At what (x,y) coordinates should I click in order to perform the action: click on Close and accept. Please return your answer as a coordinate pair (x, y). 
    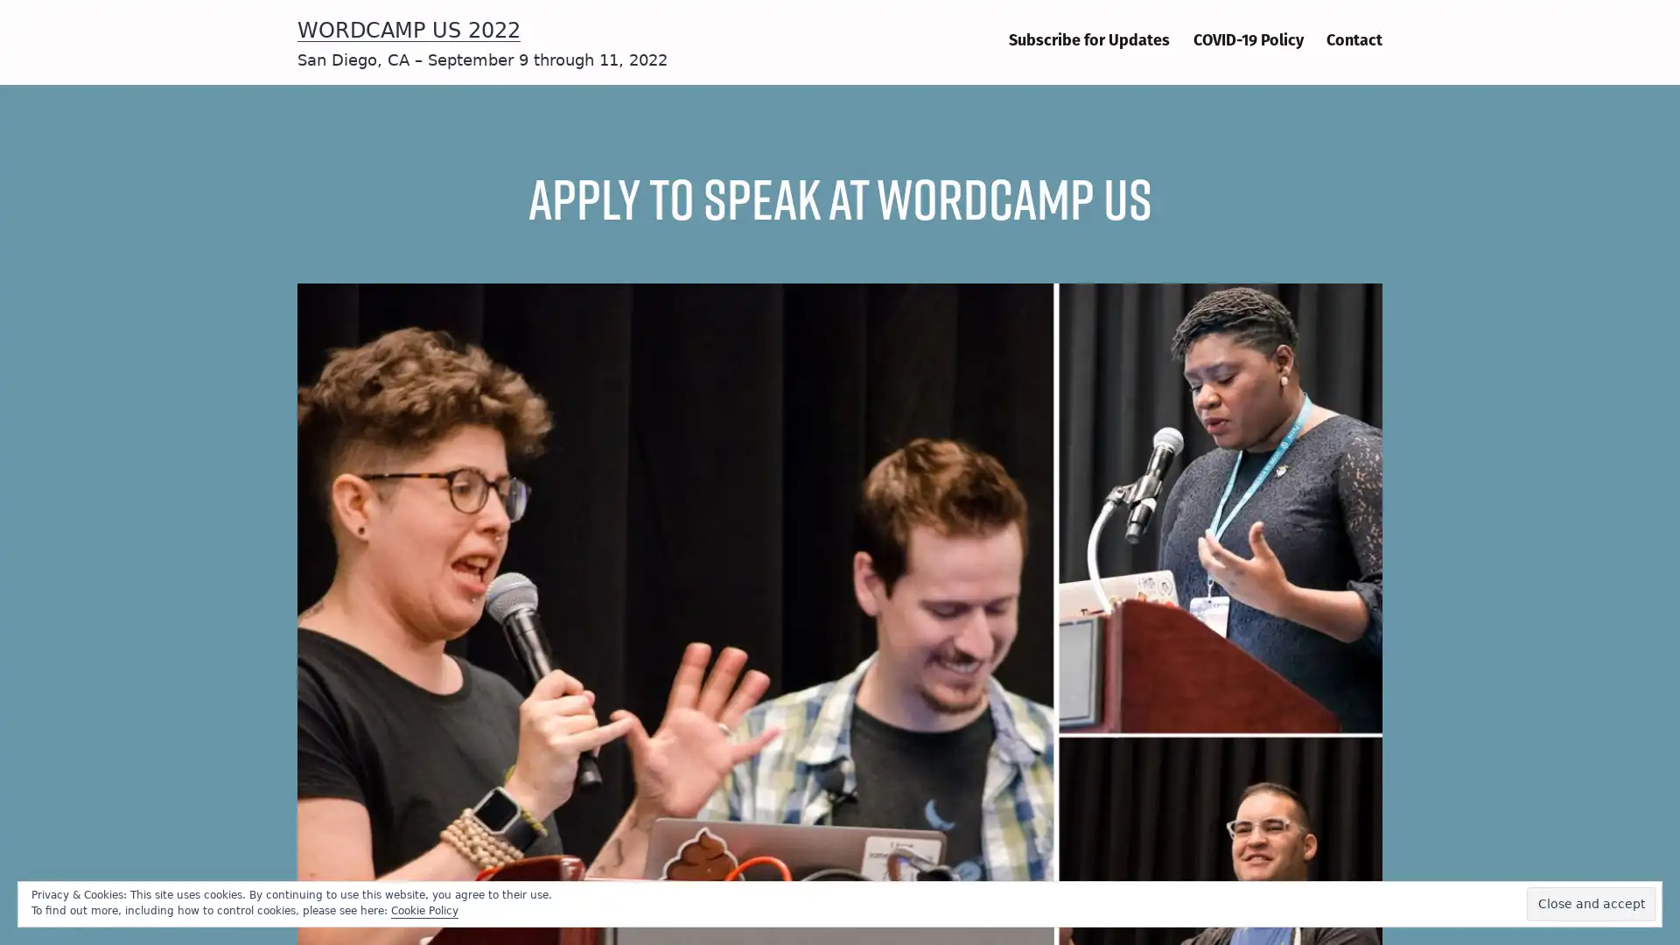
    Looking at the image, I should click on (1592, 904).